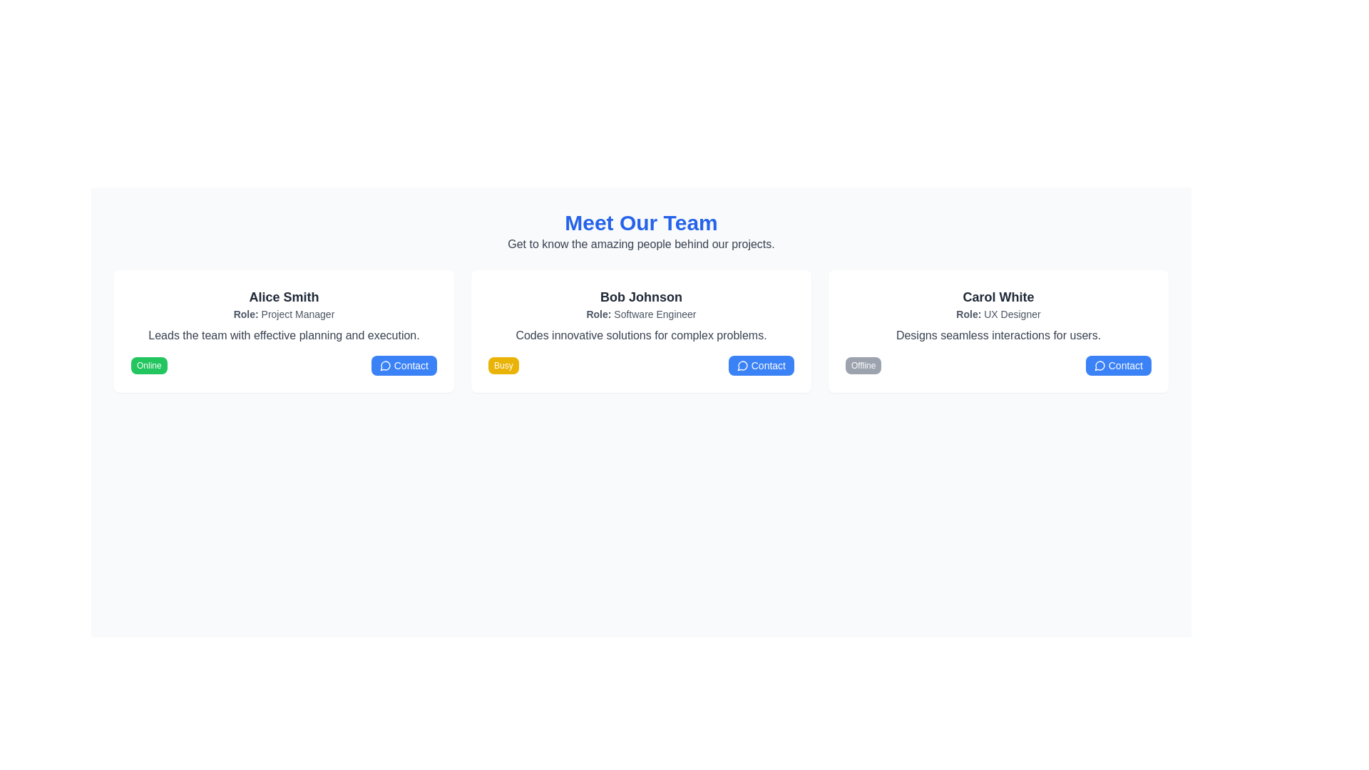 This screenshot has width=1369, height=770. I want to click on the text label 'Bob Johnson' styled in bold and dark gray, located at the top center of the middle card under the 'Meet Our Team' section, so click(640, 296).